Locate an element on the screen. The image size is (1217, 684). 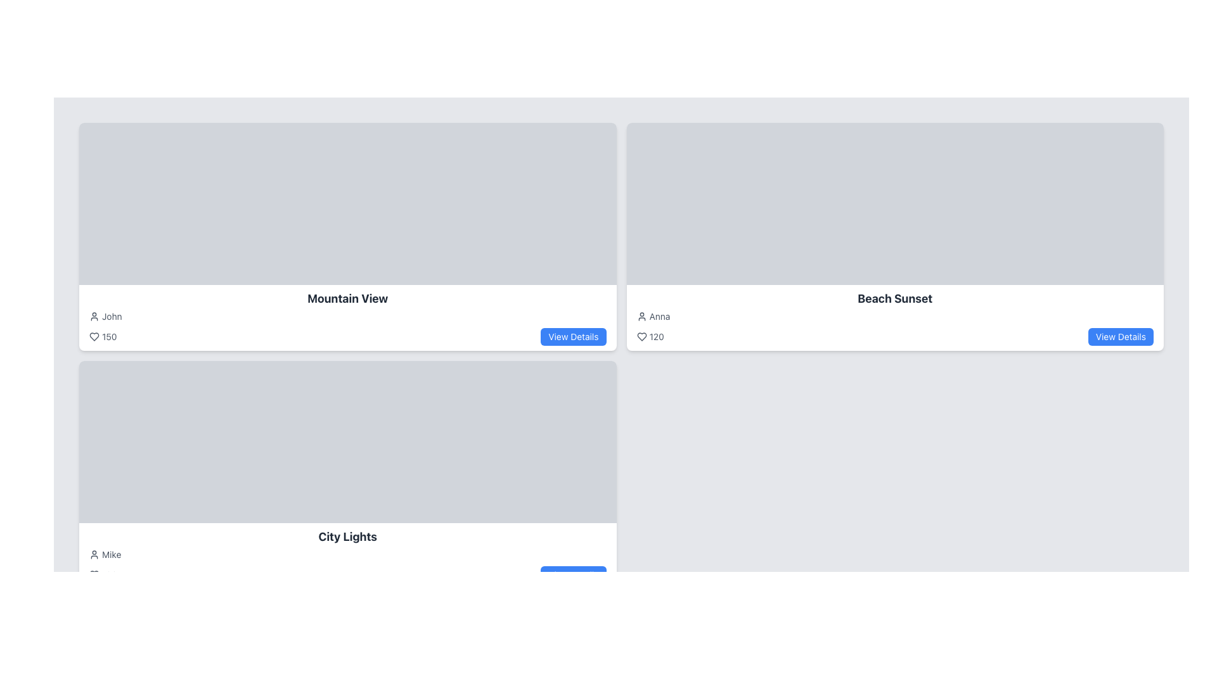
the text label that displays 'Beach Sunset', which is styled in bold dark gray font on a white background is located at coordinates (894, 298).